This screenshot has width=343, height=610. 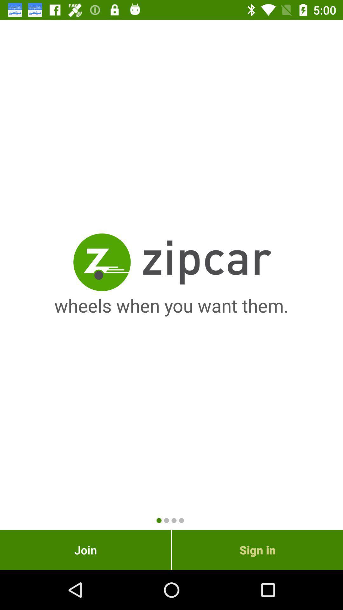 What do you see at coordinates (257, 550) in the screenshot?
I see `the icon at the bottom right corner` at bounding box center [257, 550].